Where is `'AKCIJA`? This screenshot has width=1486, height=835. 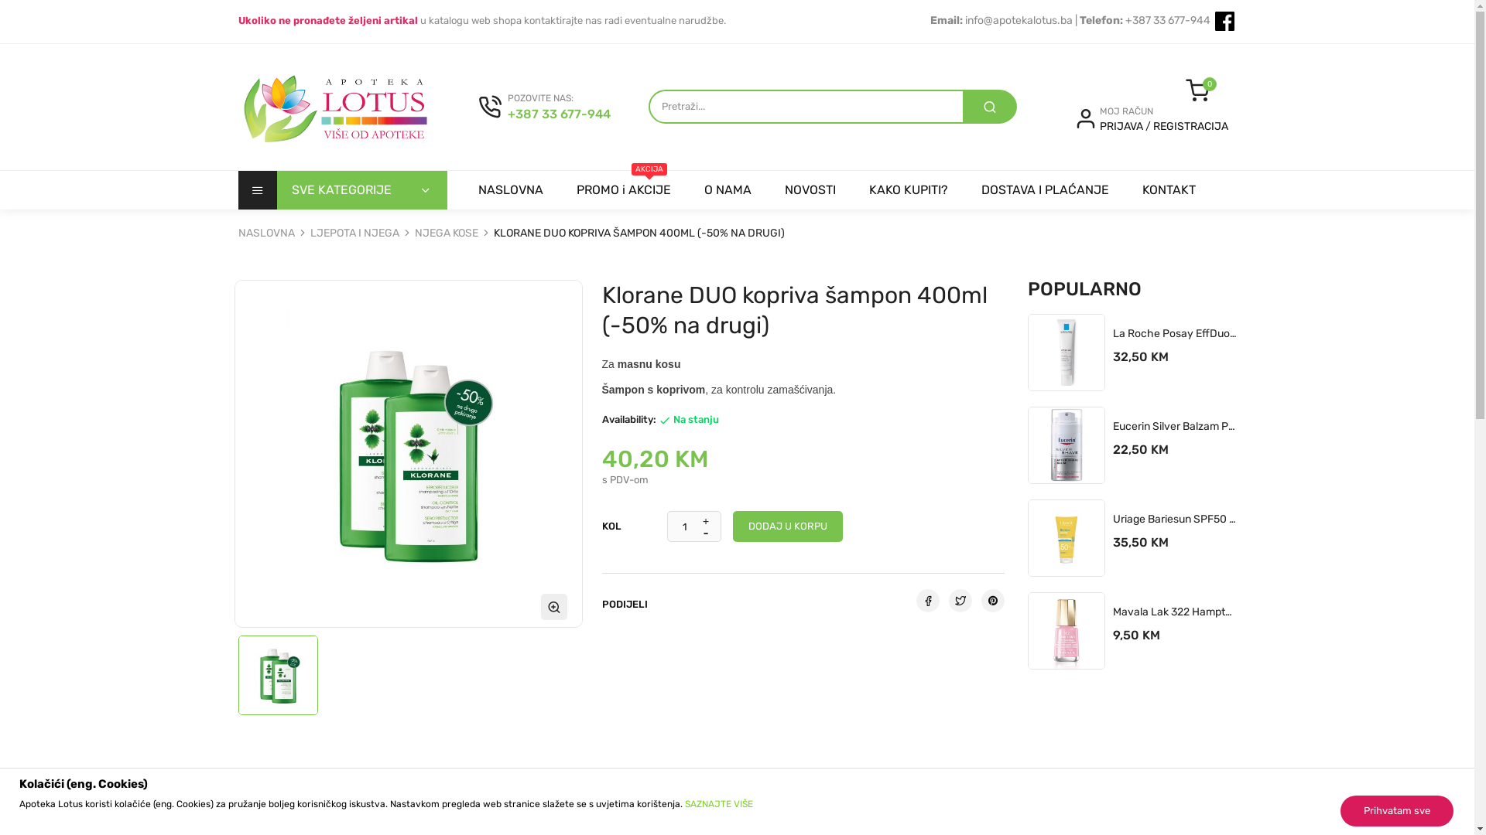 'AKCIJA is located at coordinates (623, 189).